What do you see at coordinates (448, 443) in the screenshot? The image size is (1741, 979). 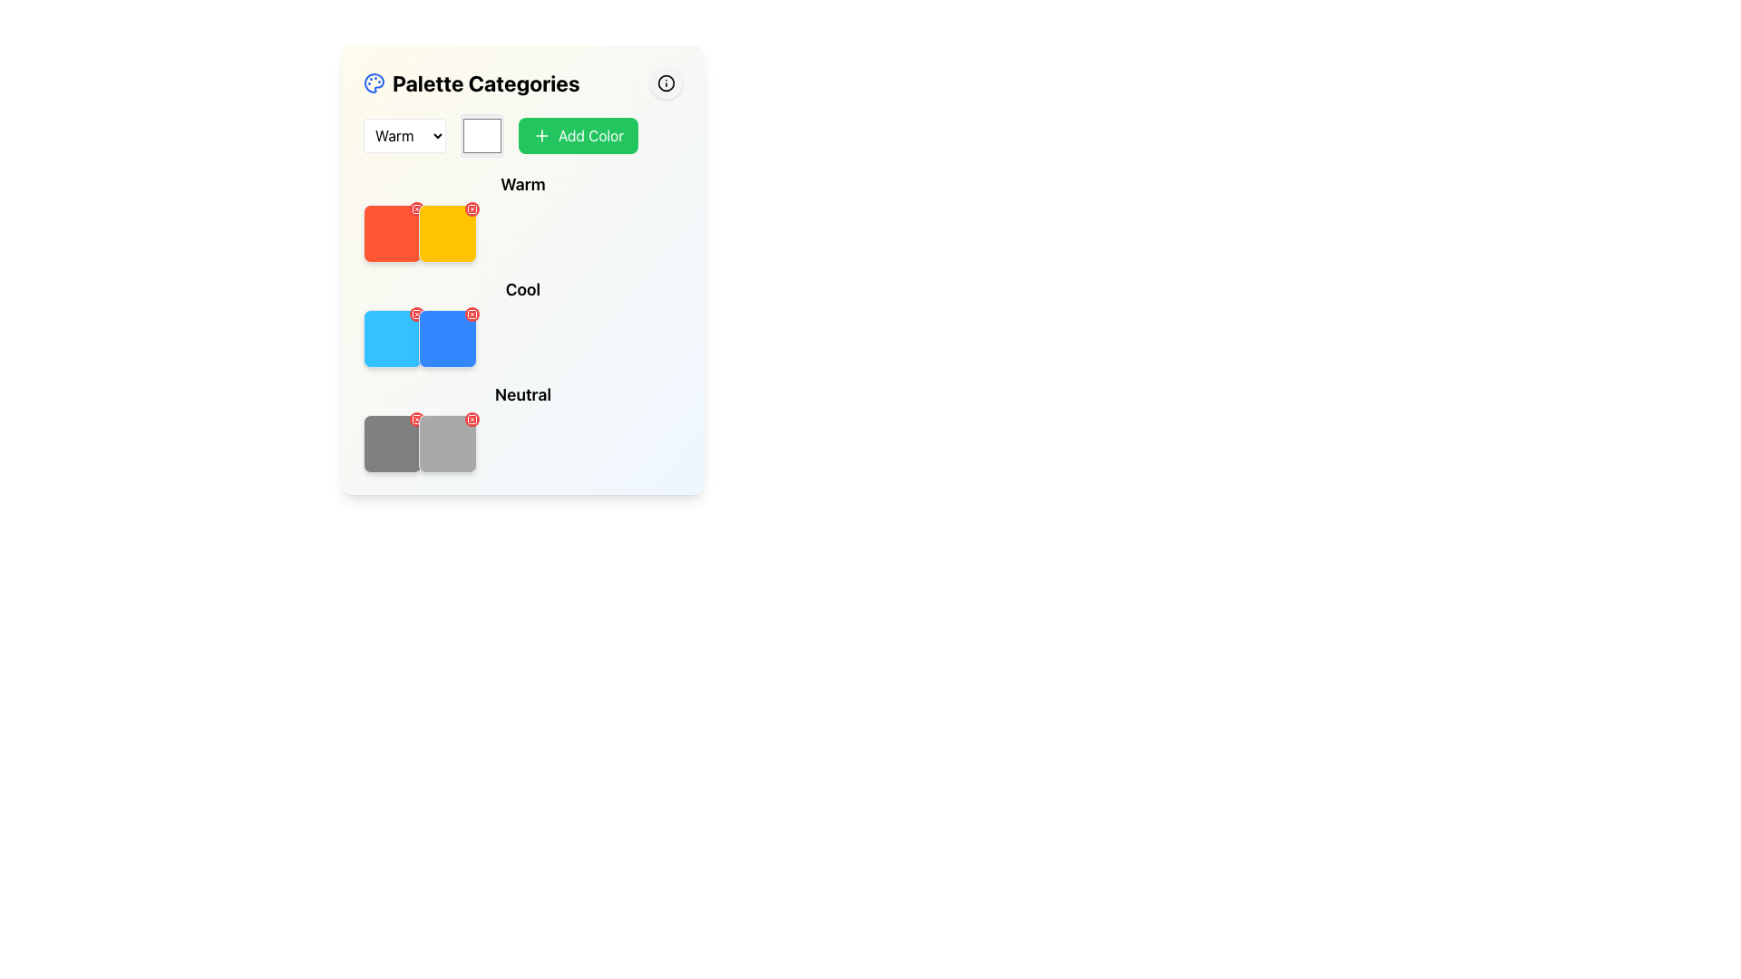 I see `the circular close button located at the top-right corner of the selectable visual tile in the bottom-right of the 'Neutral' category row to trigger a color change` at bounding box center [448, 443].